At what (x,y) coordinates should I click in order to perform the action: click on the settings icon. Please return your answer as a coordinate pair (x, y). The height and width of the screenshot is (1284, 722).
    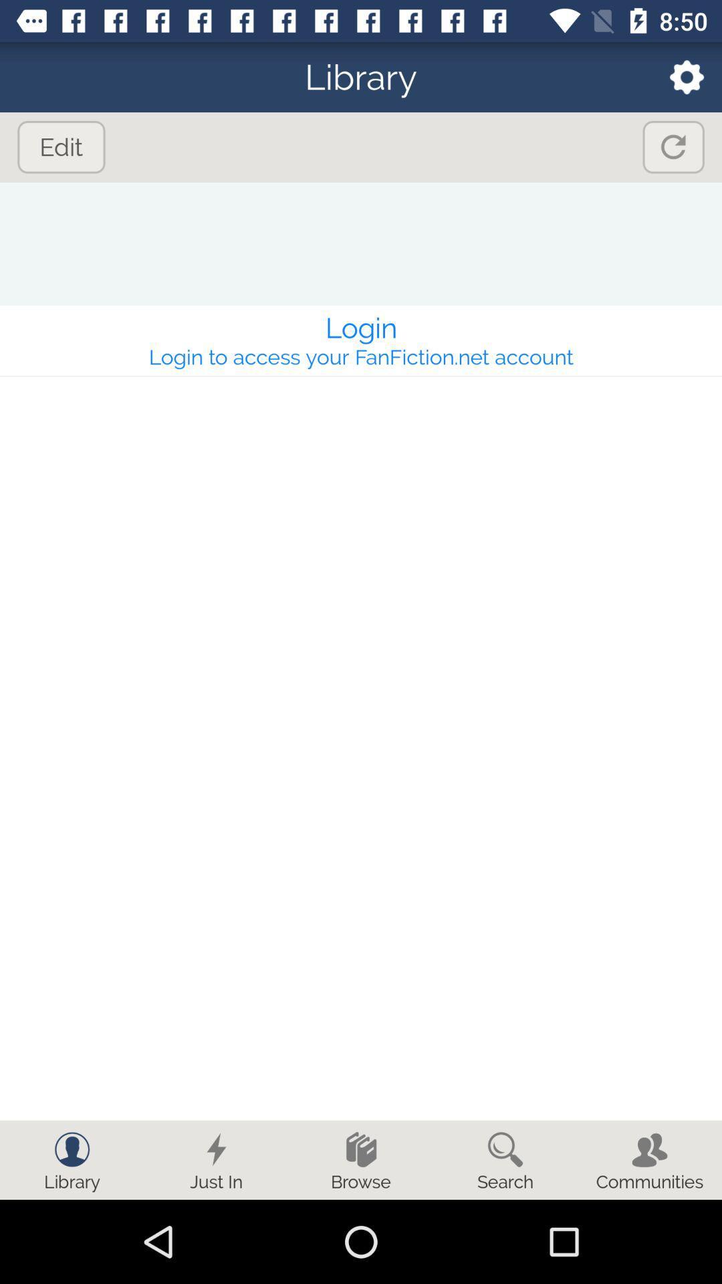
    Looking at the image, I should click on (678, 76).